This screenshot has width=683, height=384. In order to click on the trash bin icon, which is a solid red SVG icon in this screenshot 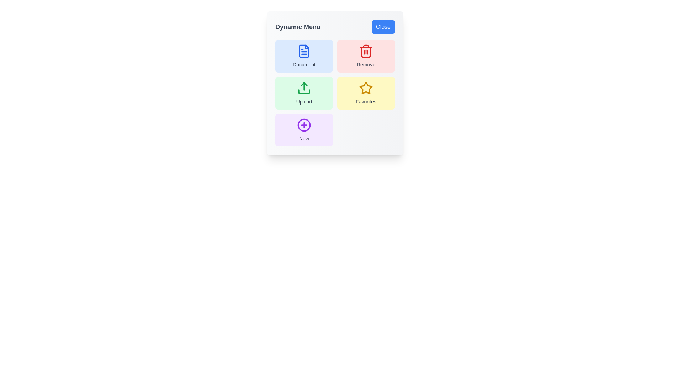, I will do `click(366, 50)`.